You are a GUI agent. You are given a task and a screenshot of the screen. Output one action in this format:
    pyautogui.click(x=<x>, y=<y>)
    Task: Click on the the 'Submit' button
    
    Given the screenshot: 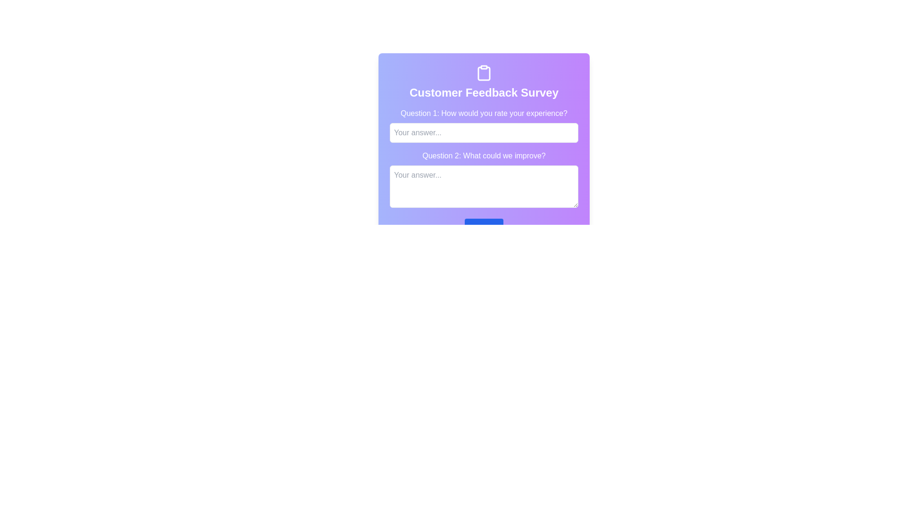 What is the action you would take?
    pyautogui.click(x=484, y=228)
    